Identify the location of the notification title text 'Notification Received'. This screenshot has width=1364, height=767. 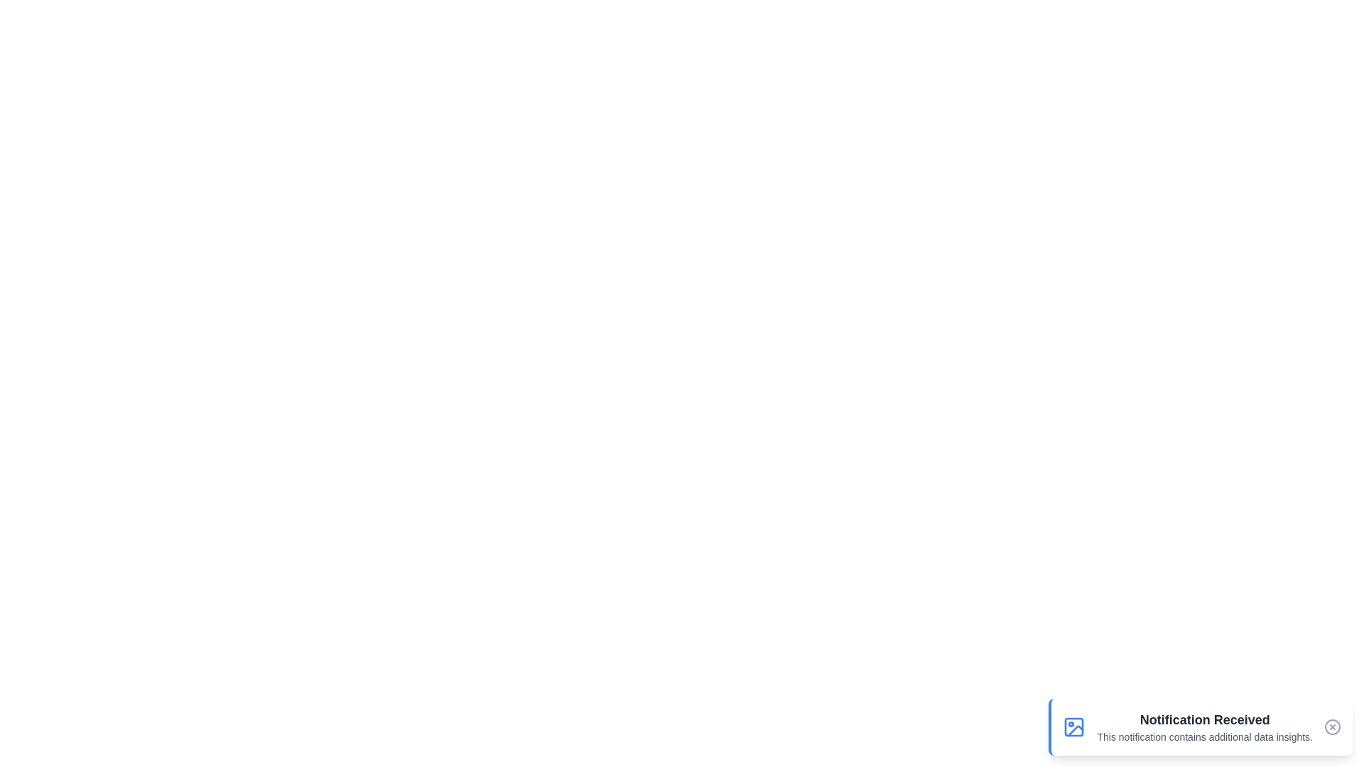
(1204, 720).